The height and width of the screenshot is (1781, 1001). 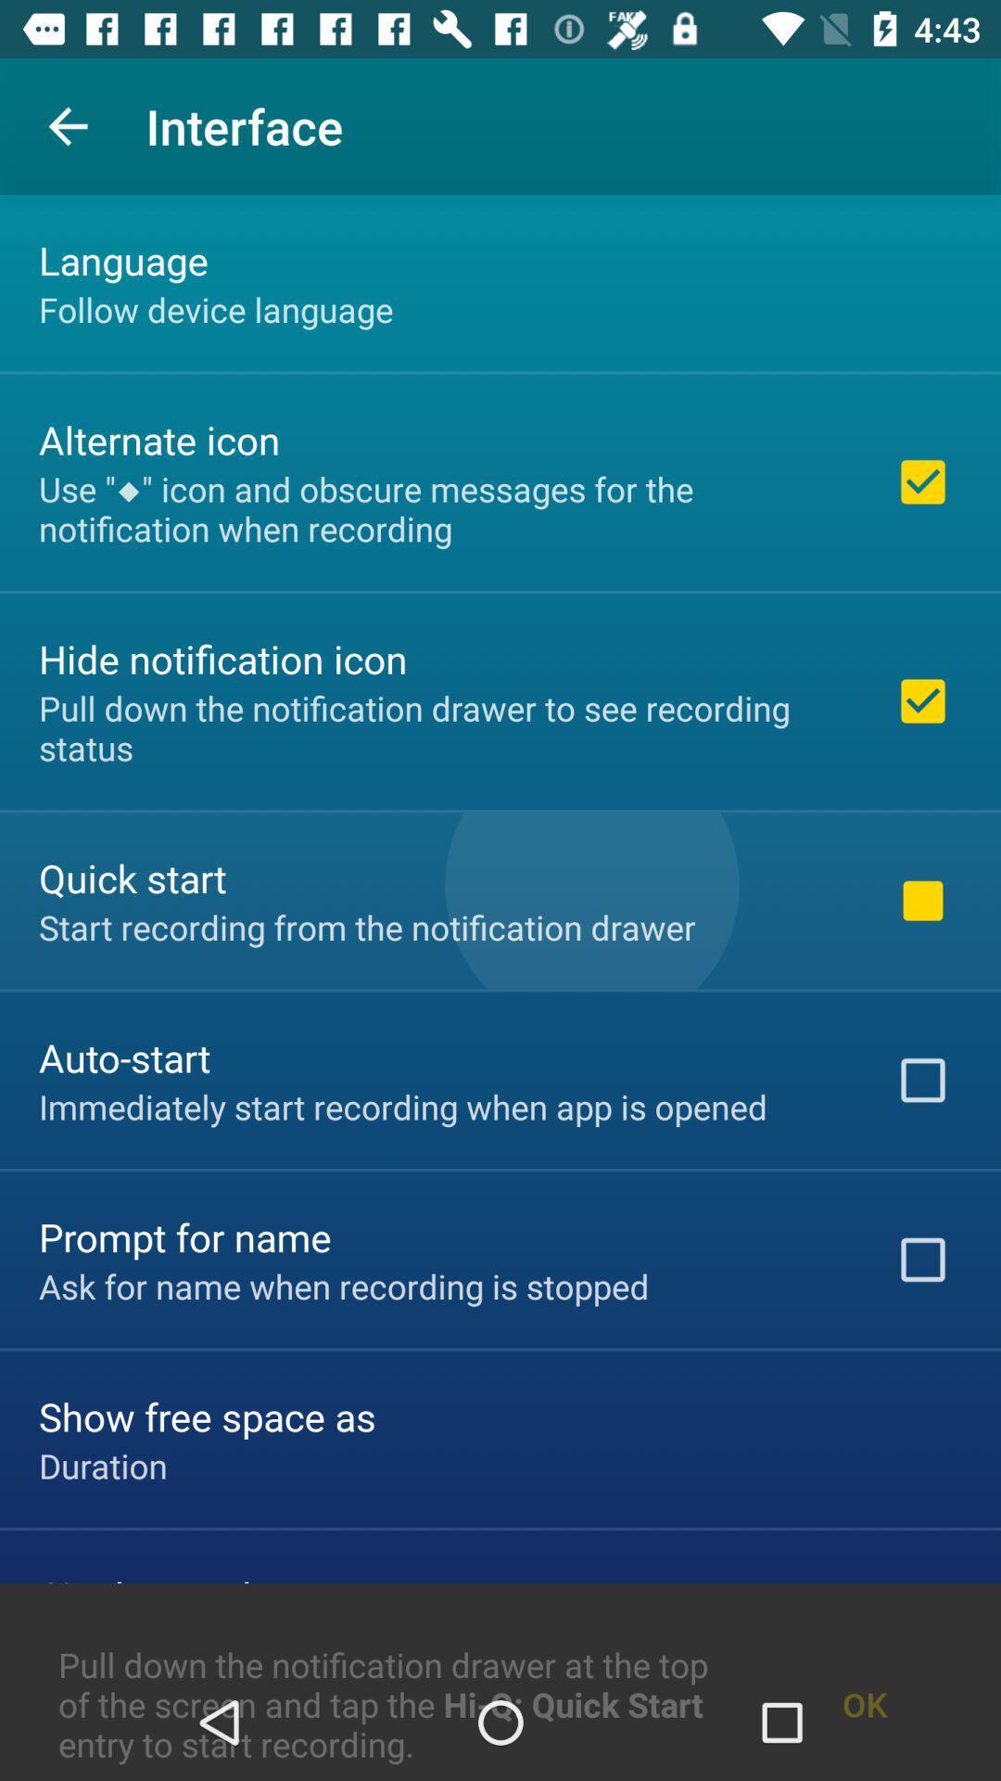 What do you see at coordinates (103, 1465) in the screenshot?
I see `item below the show free space icon` at bounding box center [103, 1465].